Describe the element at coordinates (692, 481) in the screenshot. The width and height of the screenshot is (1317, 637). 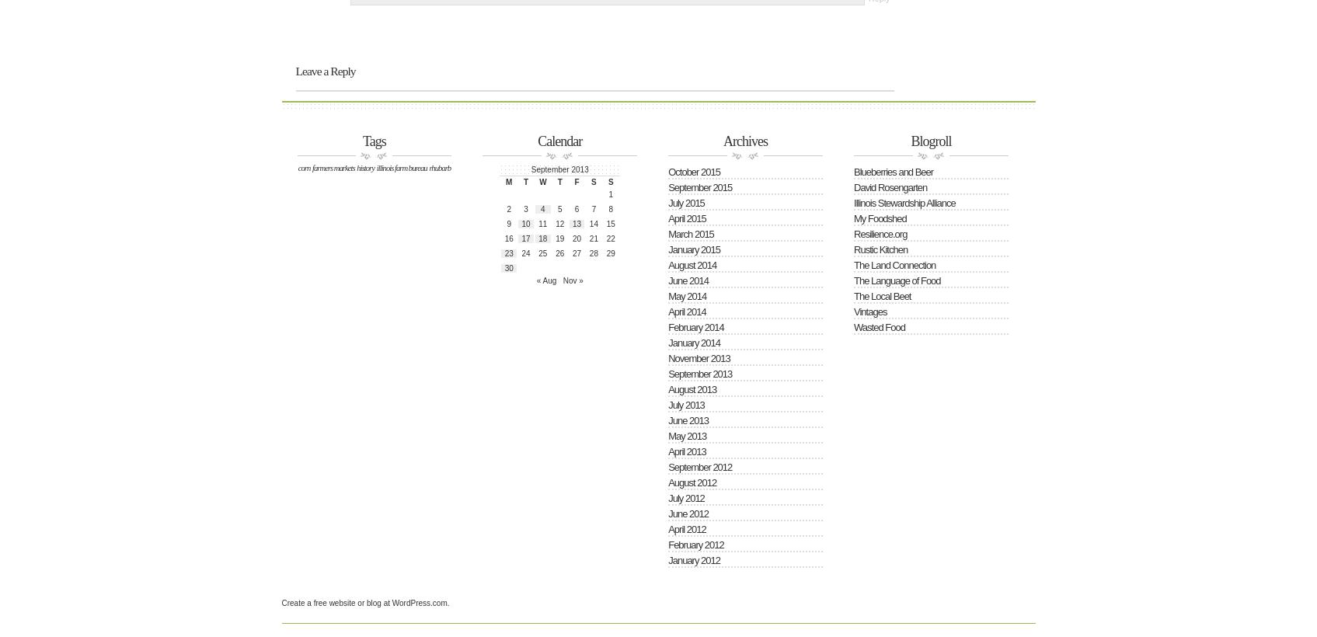
I see `'August 2012'` at that location.